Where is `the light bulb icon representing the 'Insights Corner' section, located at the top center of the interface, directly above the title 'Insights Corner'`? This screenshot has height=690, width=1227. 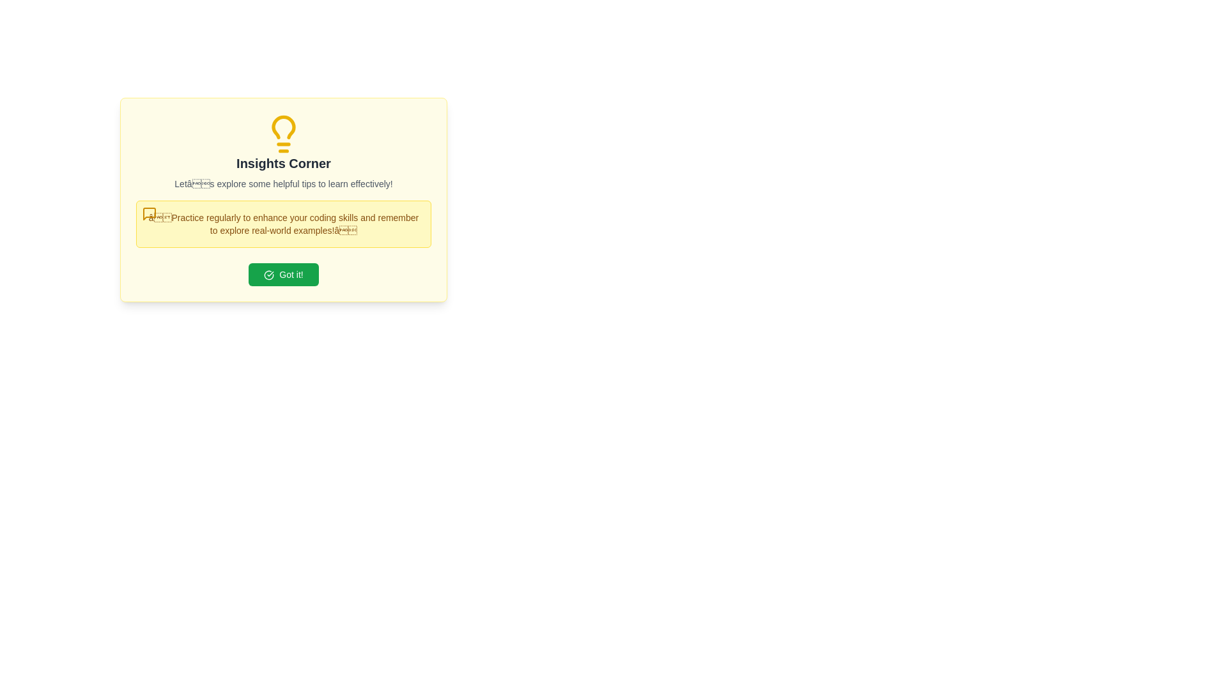 the light bulb icon representing the 'Insights Corner' section, located at the top center of the interface, directly above the title 'Insights Corner' is located at coordinates (283, 134).